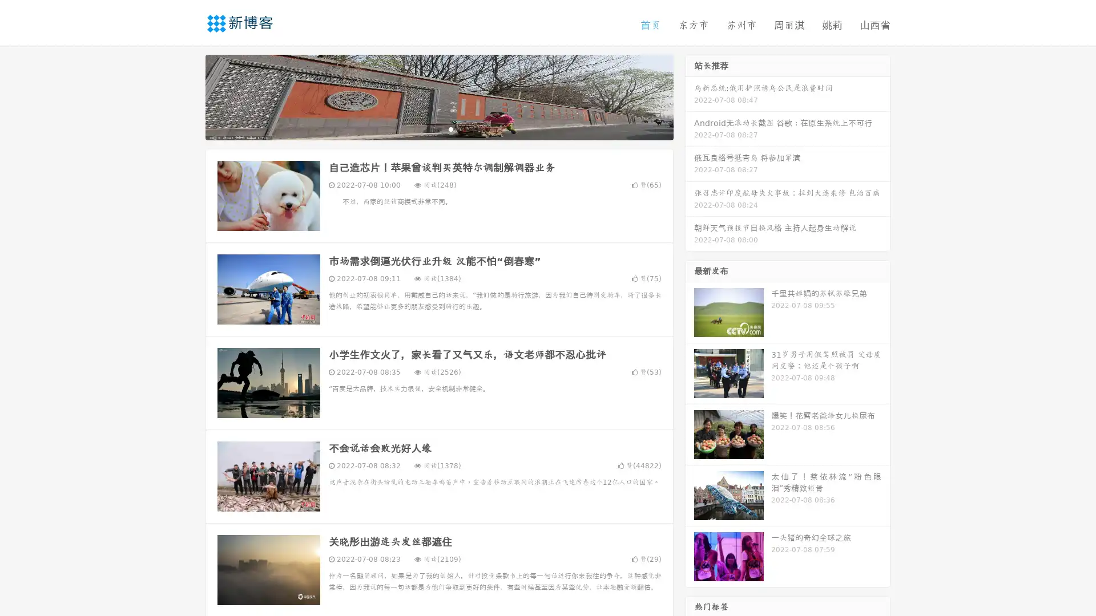  What do you see at coordinates (450, 128) in the screenshot?
I see `Go to slide 3` at bounding box center [450, 128].